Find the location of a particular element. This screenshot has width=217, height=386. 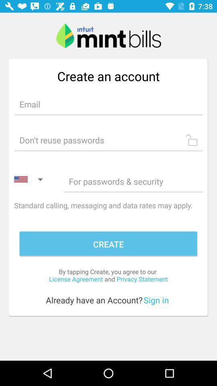

edit selection is located at coordinates (108, 104).